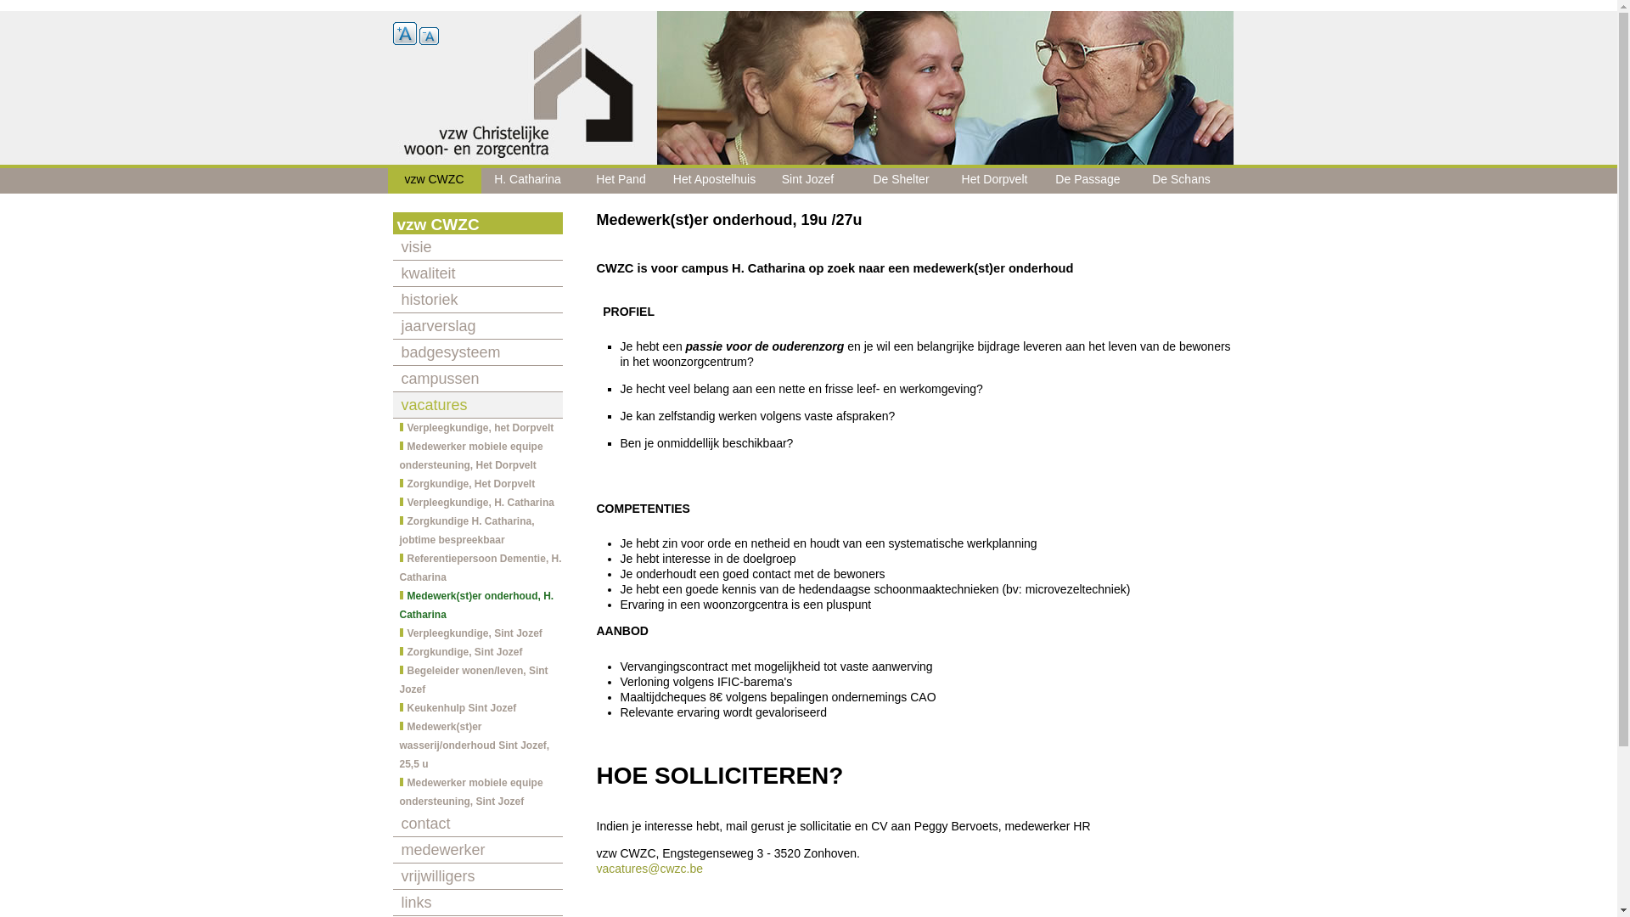 This screenshot has height=917, width=1630. I want to click on 'Verpleegkundige, H. Catharina', so click(475, 501).